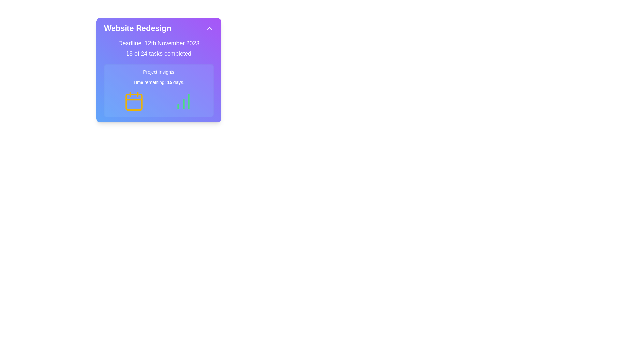  I want to click on the Information Panel containing the title 'Project Insights' with a light blue background and icons on either side, so click(158, 90).